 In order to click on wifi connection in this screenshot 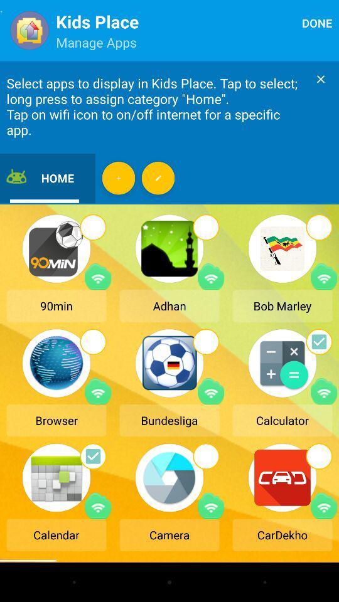, I will do `click(97, 505)`.